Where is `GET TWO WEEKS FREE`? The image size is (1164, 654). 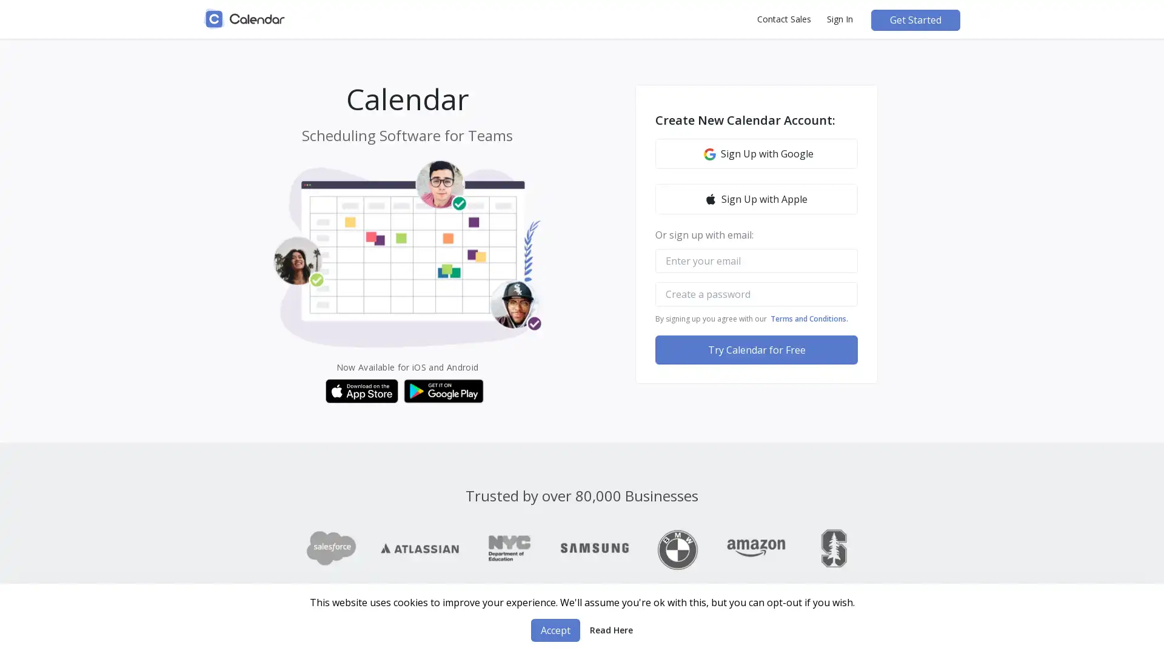
GET TWO WEEKS FREE is located at coordinates (666, 361).